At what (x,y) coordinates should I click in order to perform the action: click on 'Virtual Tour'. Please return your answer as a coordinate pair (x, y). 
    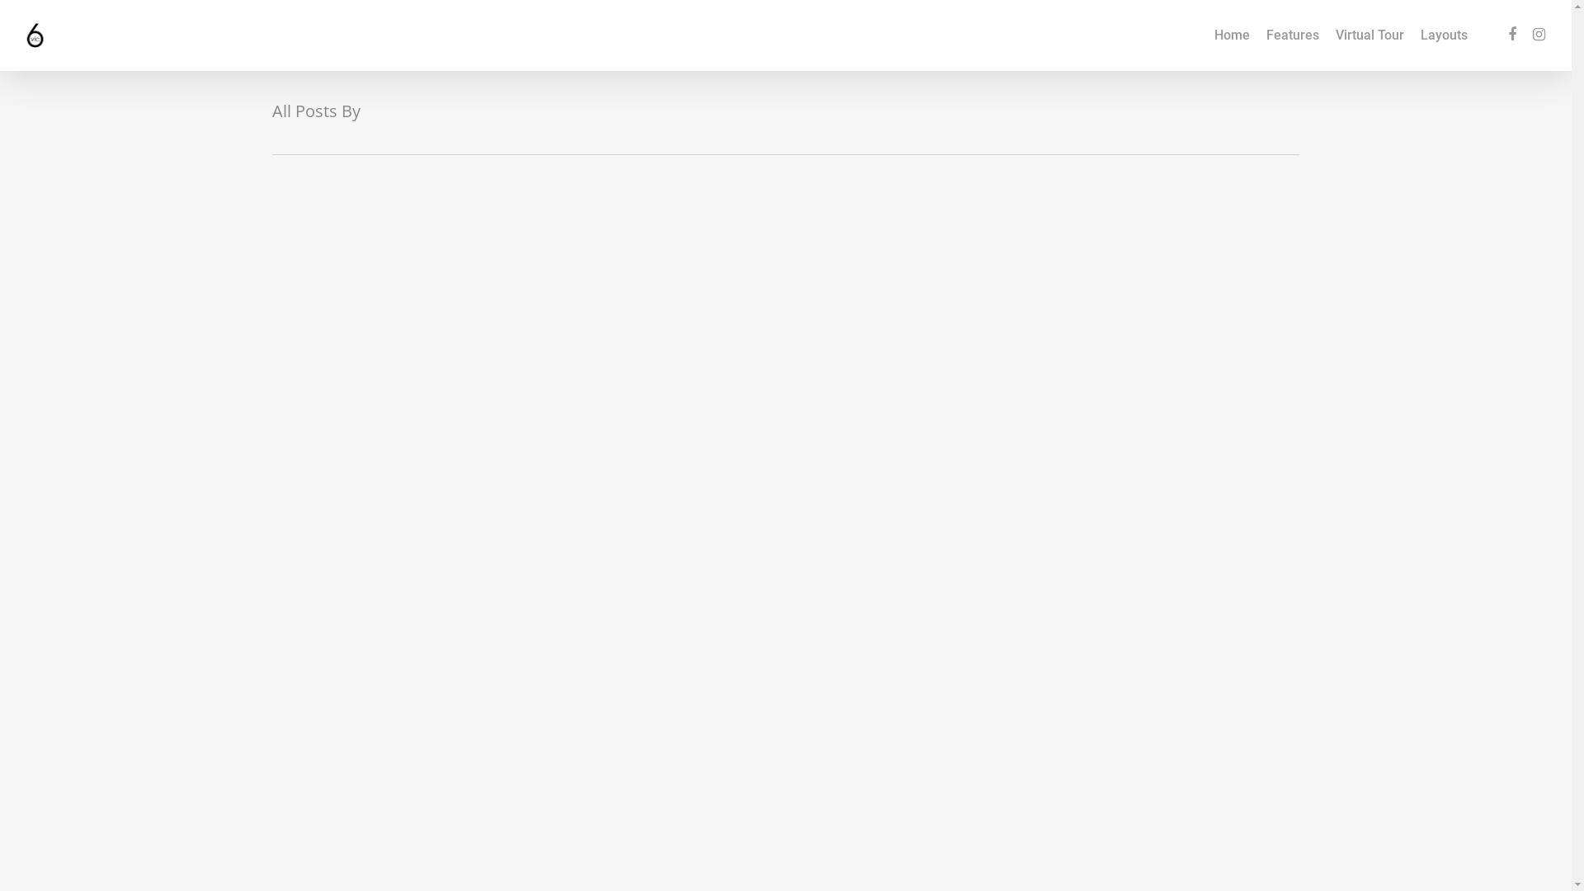
    Looking at the image, I should click on (1327, 35).